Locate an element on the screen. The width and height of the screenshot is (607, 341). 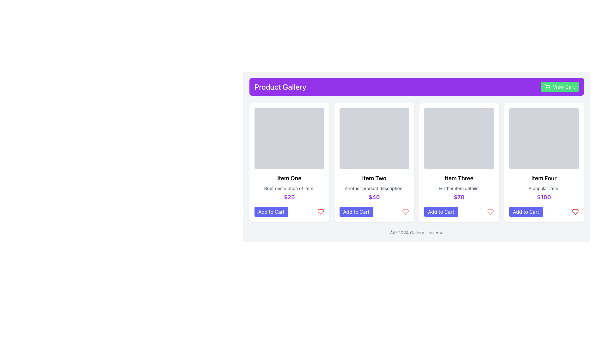
the Card component displaying product information, which is the second card from the left in a grid of four cards is located at coordinates (374, 162).